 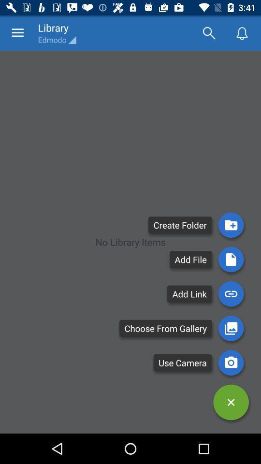 I want to click on open camera, so click(x=231, y=362).